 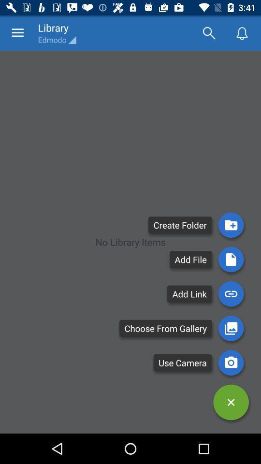 I want to click on open camera, so click(x=231, y=362).